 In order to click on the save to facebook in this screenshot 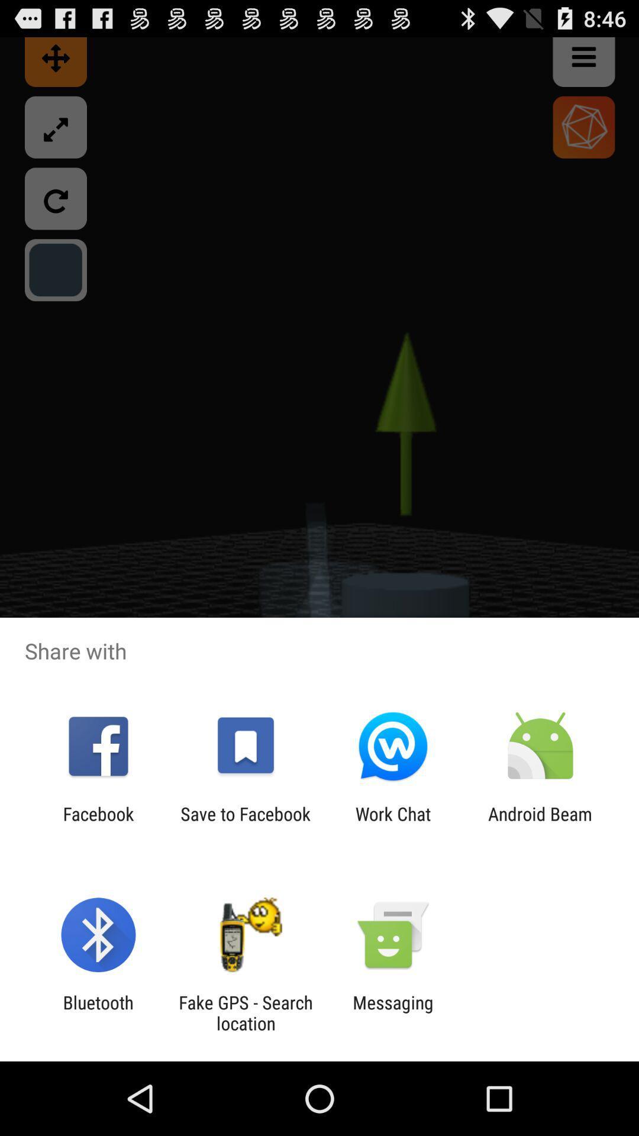, I will do `click(245, 824)`.